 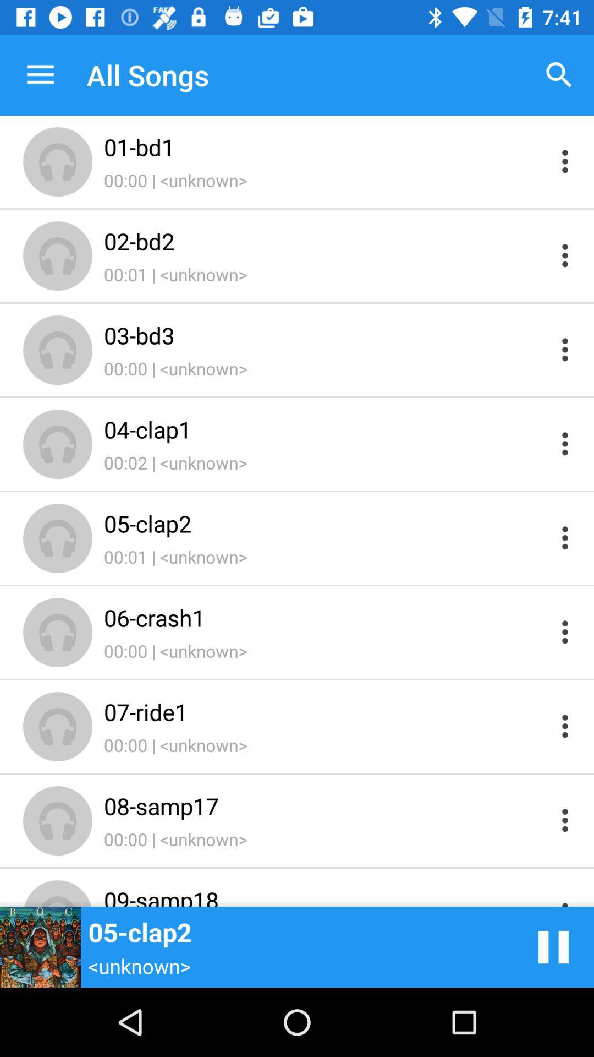 I want to click on open menu, so click(x=565, y=538).